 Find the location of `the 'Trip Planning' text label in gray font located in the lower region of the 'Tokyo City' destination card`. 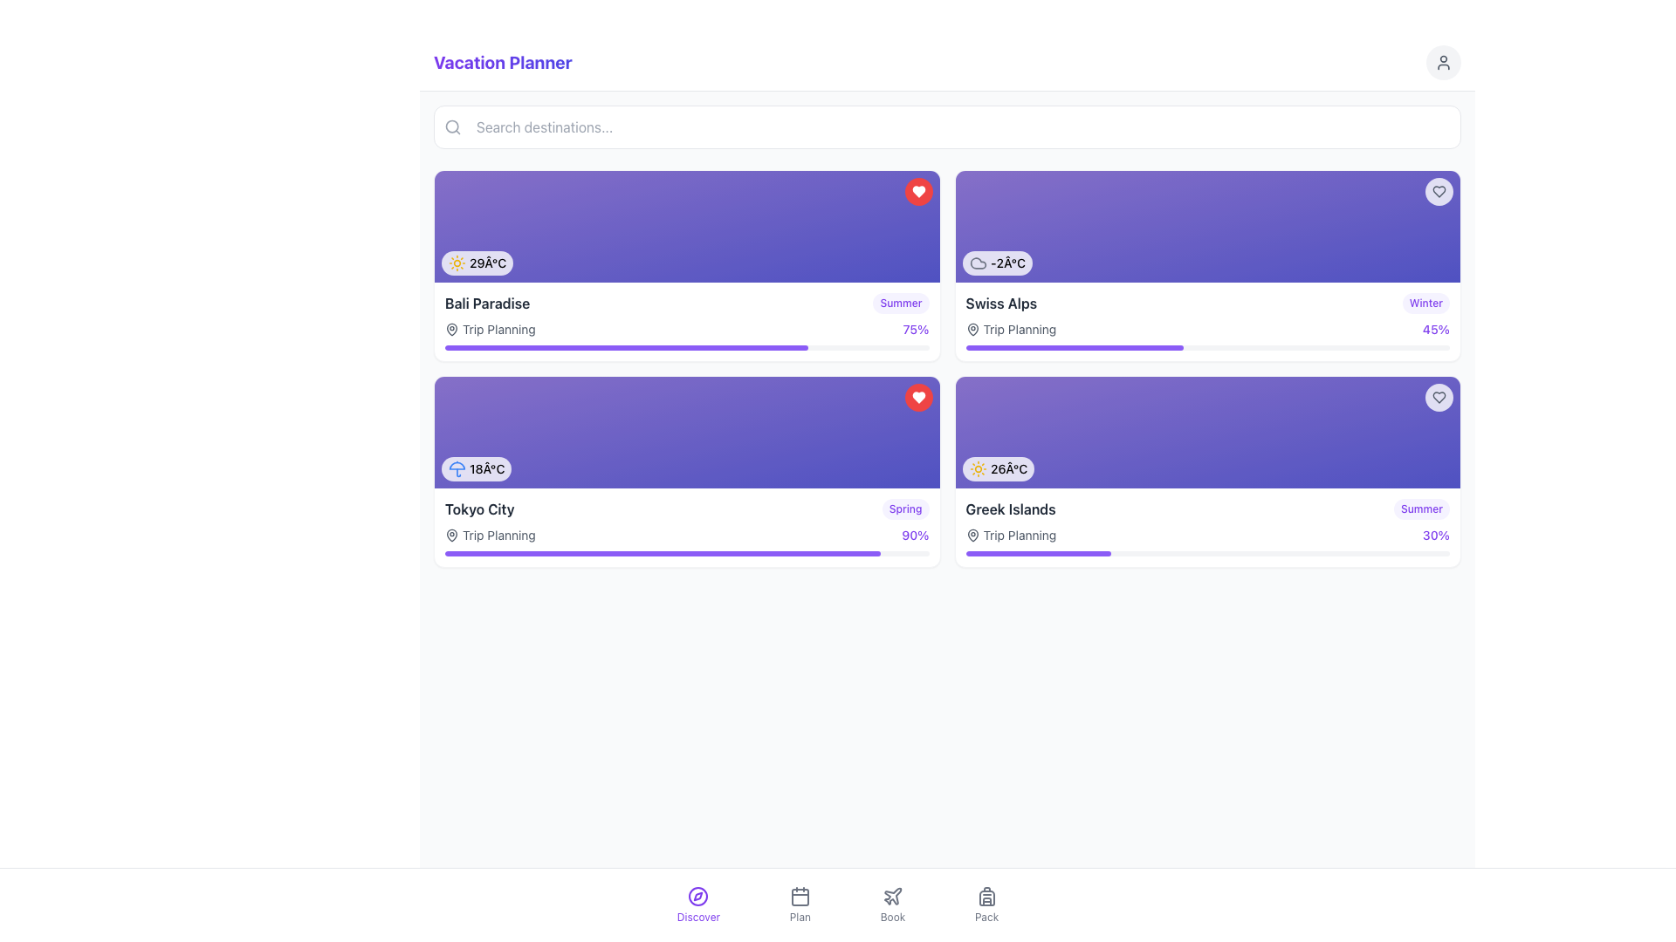

the 'Trip Planning' text label in gray font located in the lower region of the 'Tokyo City' destination card is located at coordinates (498, 534).